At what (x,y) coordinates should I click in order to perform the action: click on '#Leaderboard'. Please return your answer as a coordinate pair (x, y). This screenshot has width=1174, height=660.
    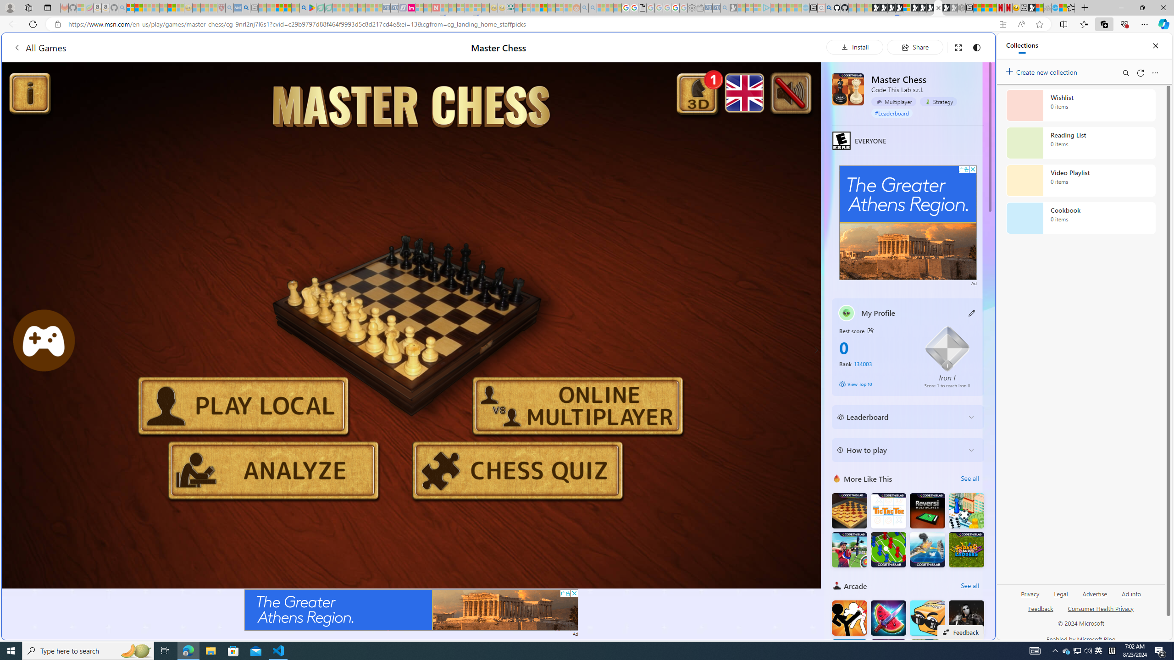
    Looking at the image, I should click on (892, 112).